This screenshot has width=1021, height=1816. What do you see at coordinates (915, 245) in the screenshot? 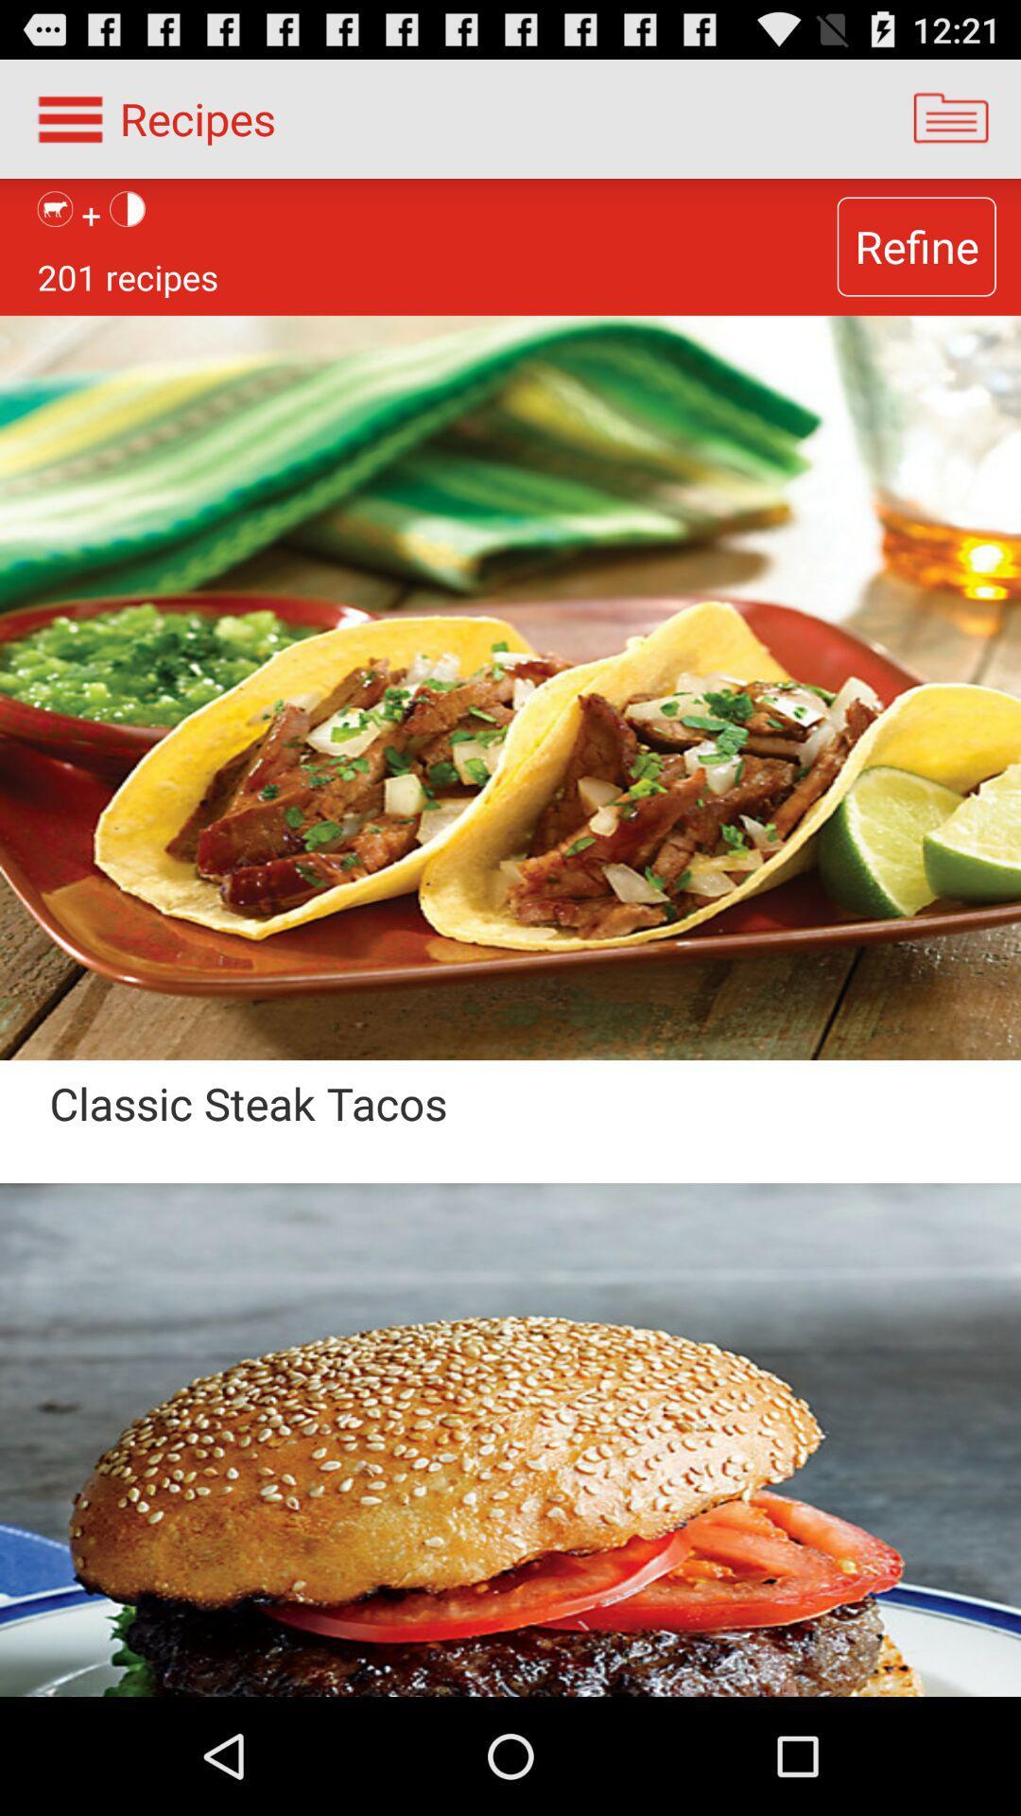
I see `the app to the right of 201 recipes` at bounding box center [915, 245].